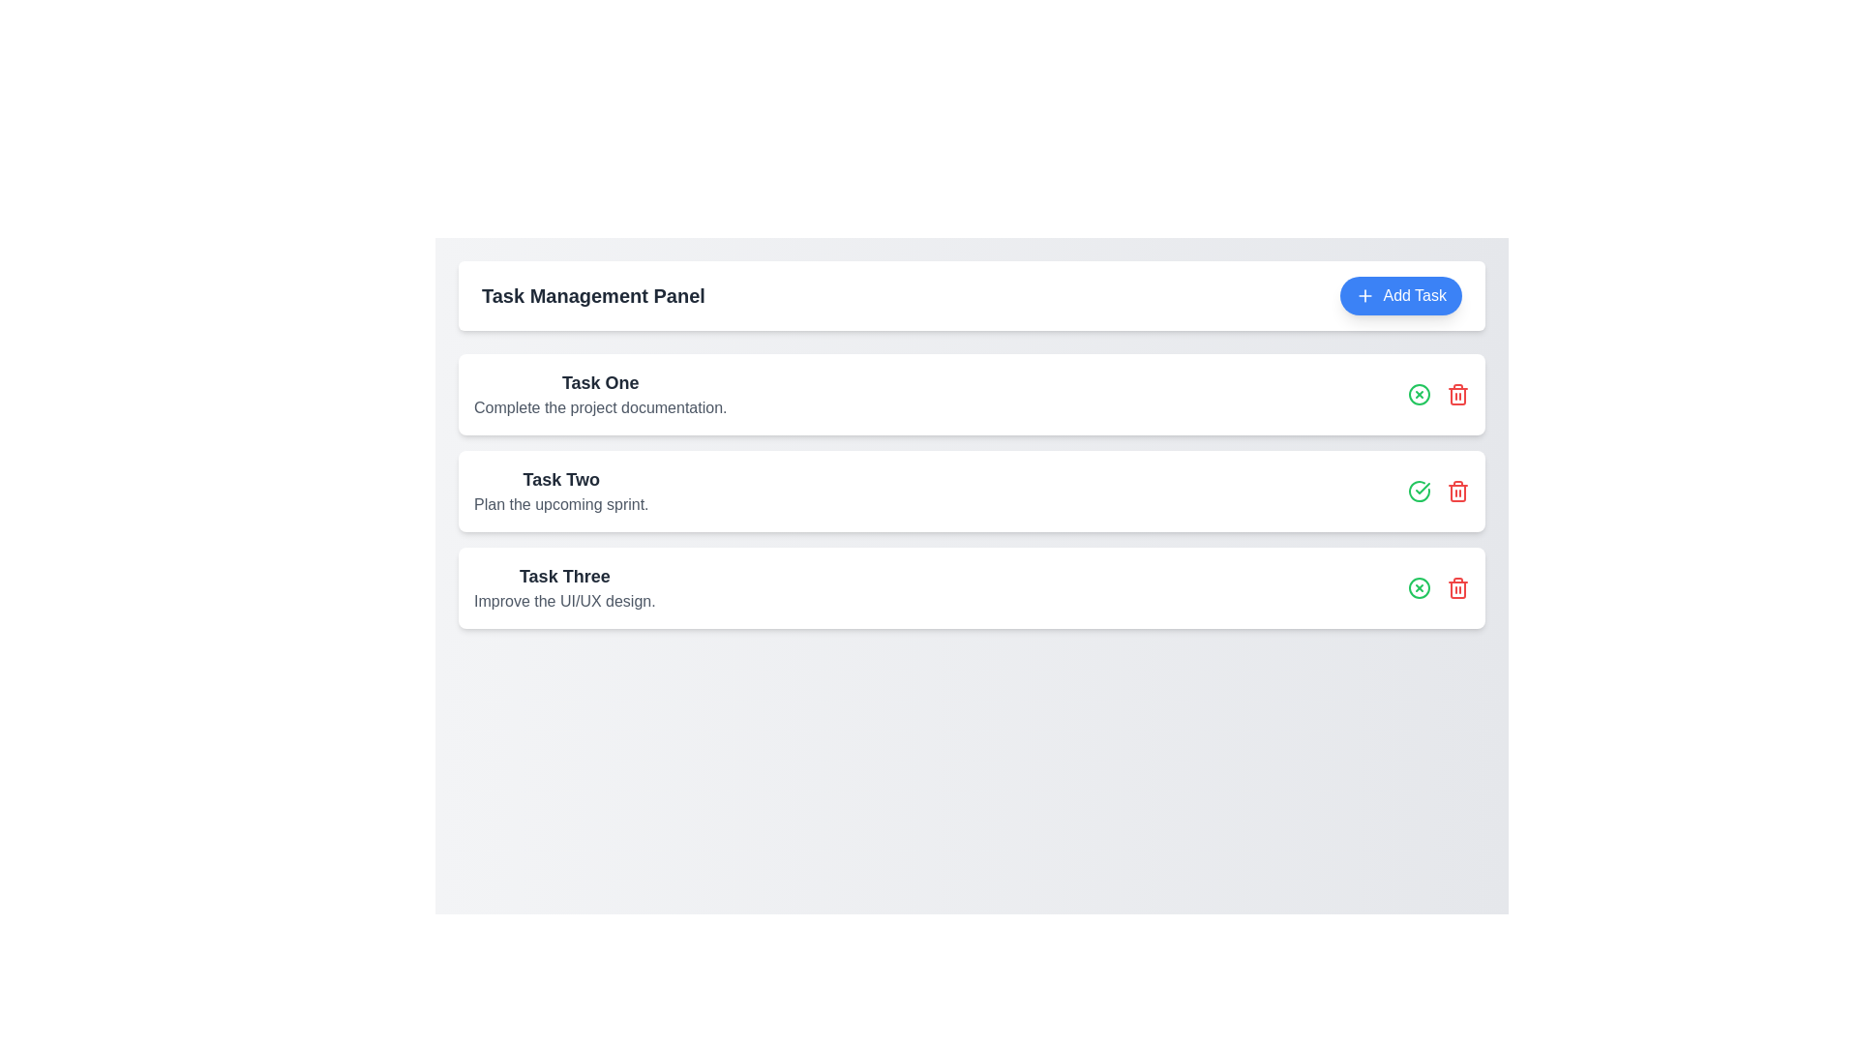  What do you see at coordinates (563, 587) in the screenshot?
I see `text content of the third task entry in the task manager interface, located under the heading 'Task Management Panel'` at bounding box center [563, 587].